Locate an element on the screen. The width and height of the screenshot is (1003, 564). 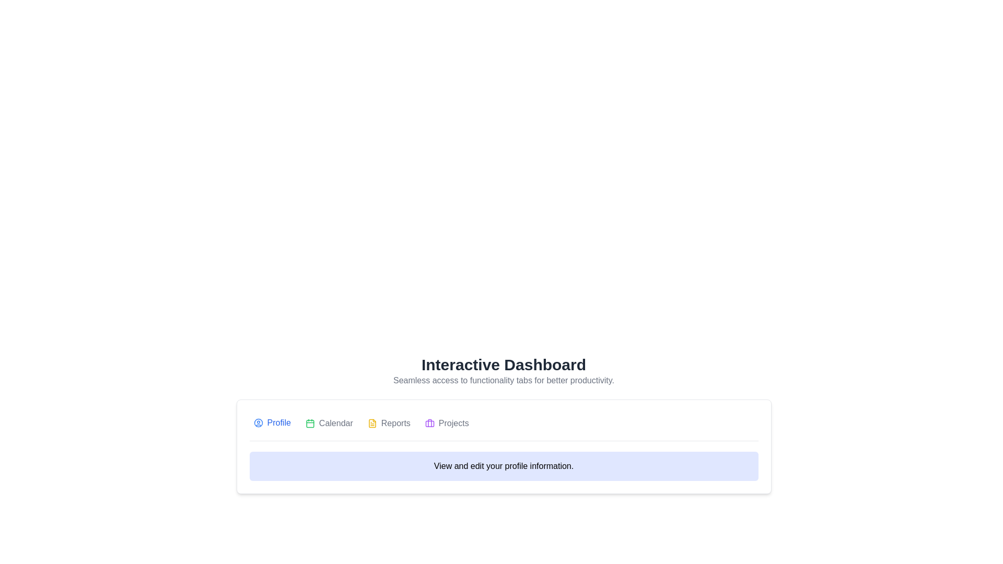
the text label displaying 'Projects', which is the fourth tab in a horizontal alignment of tabs, located near a briefcase icon is located at coordinates (453, 423).